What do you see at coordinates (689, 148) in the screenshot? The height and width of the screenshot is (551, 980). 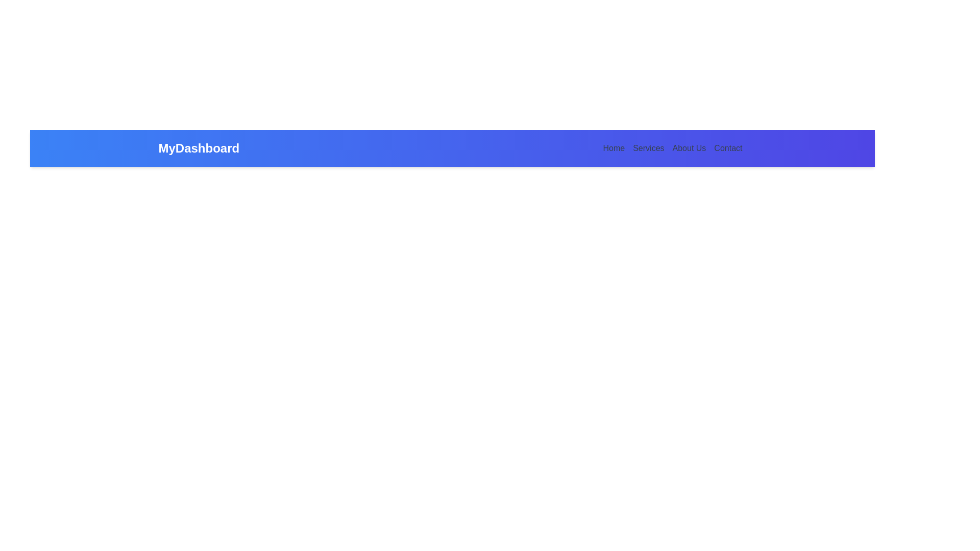 I see `the 'About Us' Text hyperlink located in the horizontal navigation menu, which is positioned to the right of 'Services' and to the left of 'Contact'` at bounding box center [689, 148].